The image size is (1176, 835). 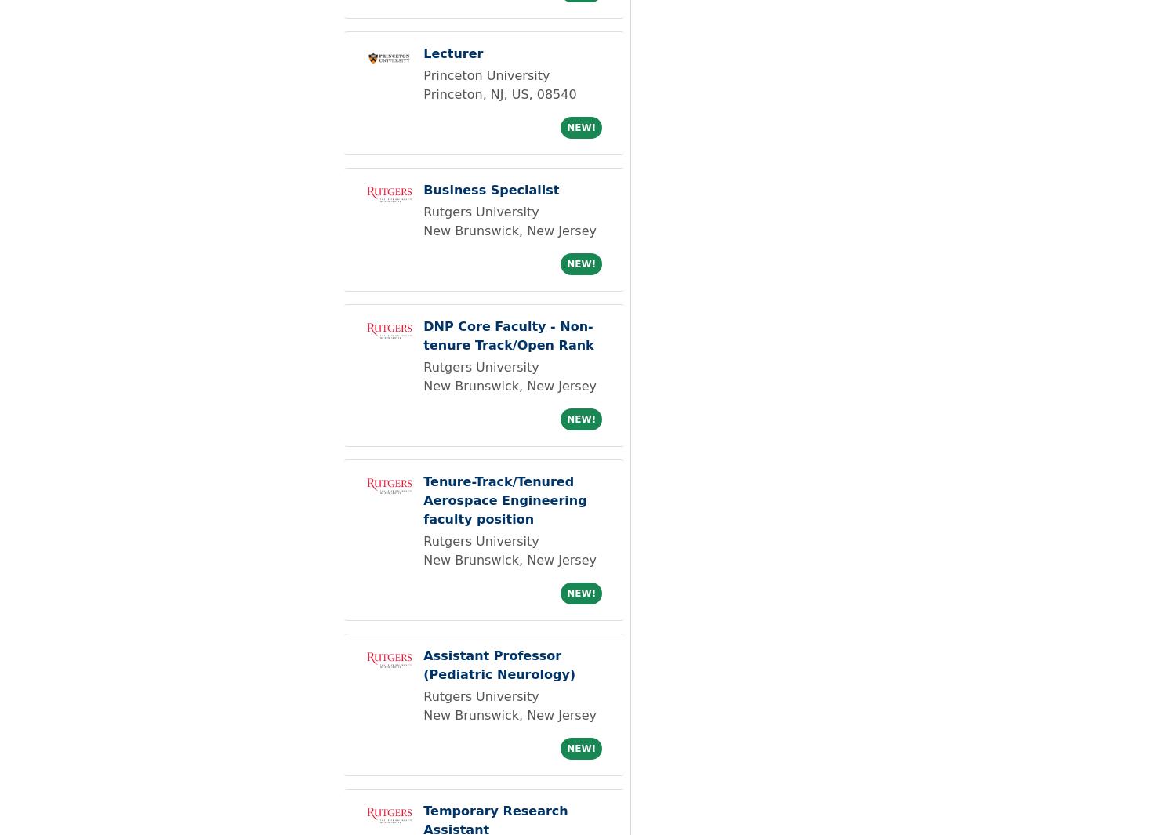 What do you see at coordinates (485, 74) in the screenshot?
I see `'Princeton University'` at bounding box center [485, 74].